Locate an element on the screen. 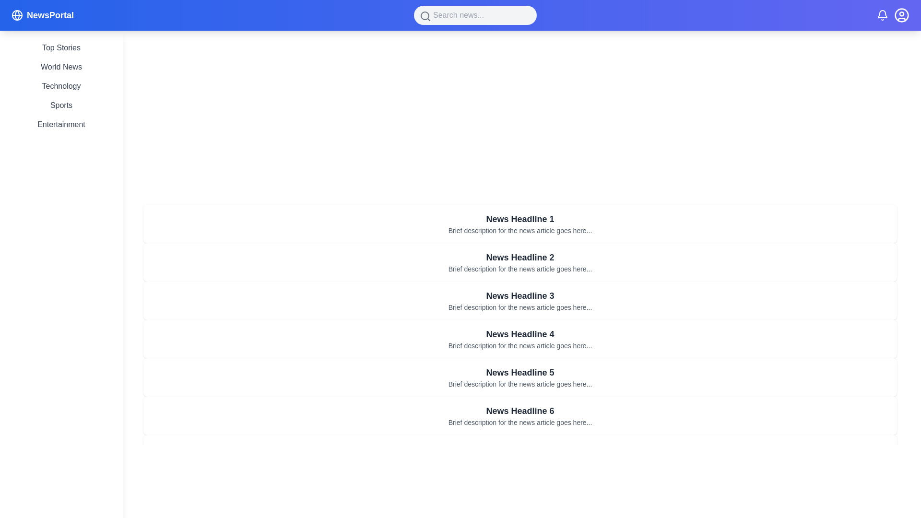 This screenshot has height=518, width=921. the 'Technology' navigation link in the left sidebar is located at coordinates (61, 86).